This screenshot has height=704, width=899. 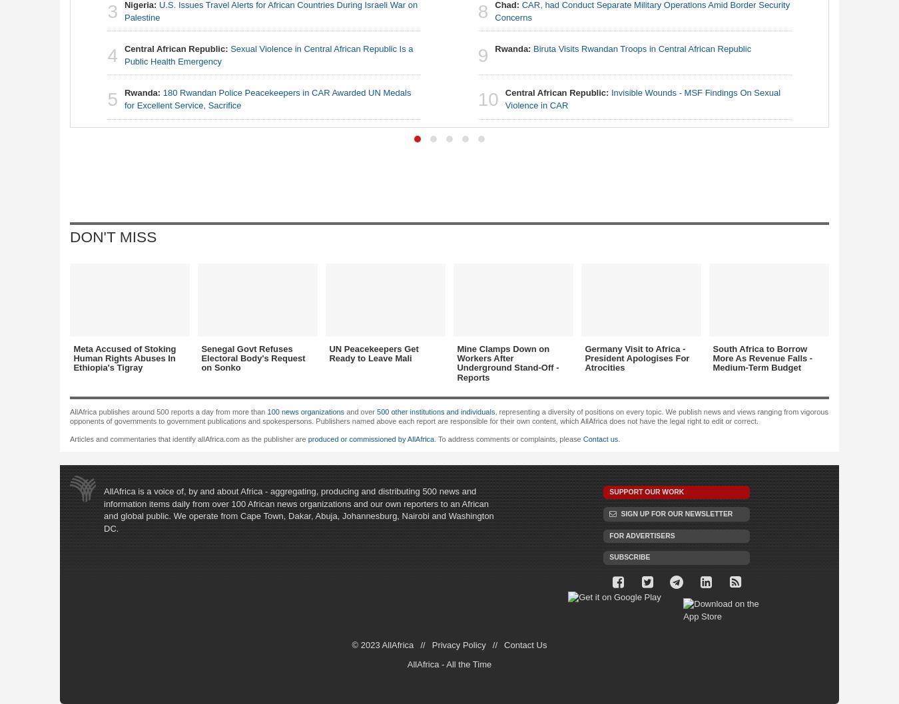 What do you see at coordinates (104, 509) in the screenshot?
I see `'AllAfrica is a voice of, by and about Africa - aggregating, producing and distributing 500 news and information items daily from over 100 African news organizations and our own reporters to an African and global public. We operate from Cape Town, Dakar, Abuja, Johannesburg, Nairobi and Washington DC.'` at bounding box center [104, 509].